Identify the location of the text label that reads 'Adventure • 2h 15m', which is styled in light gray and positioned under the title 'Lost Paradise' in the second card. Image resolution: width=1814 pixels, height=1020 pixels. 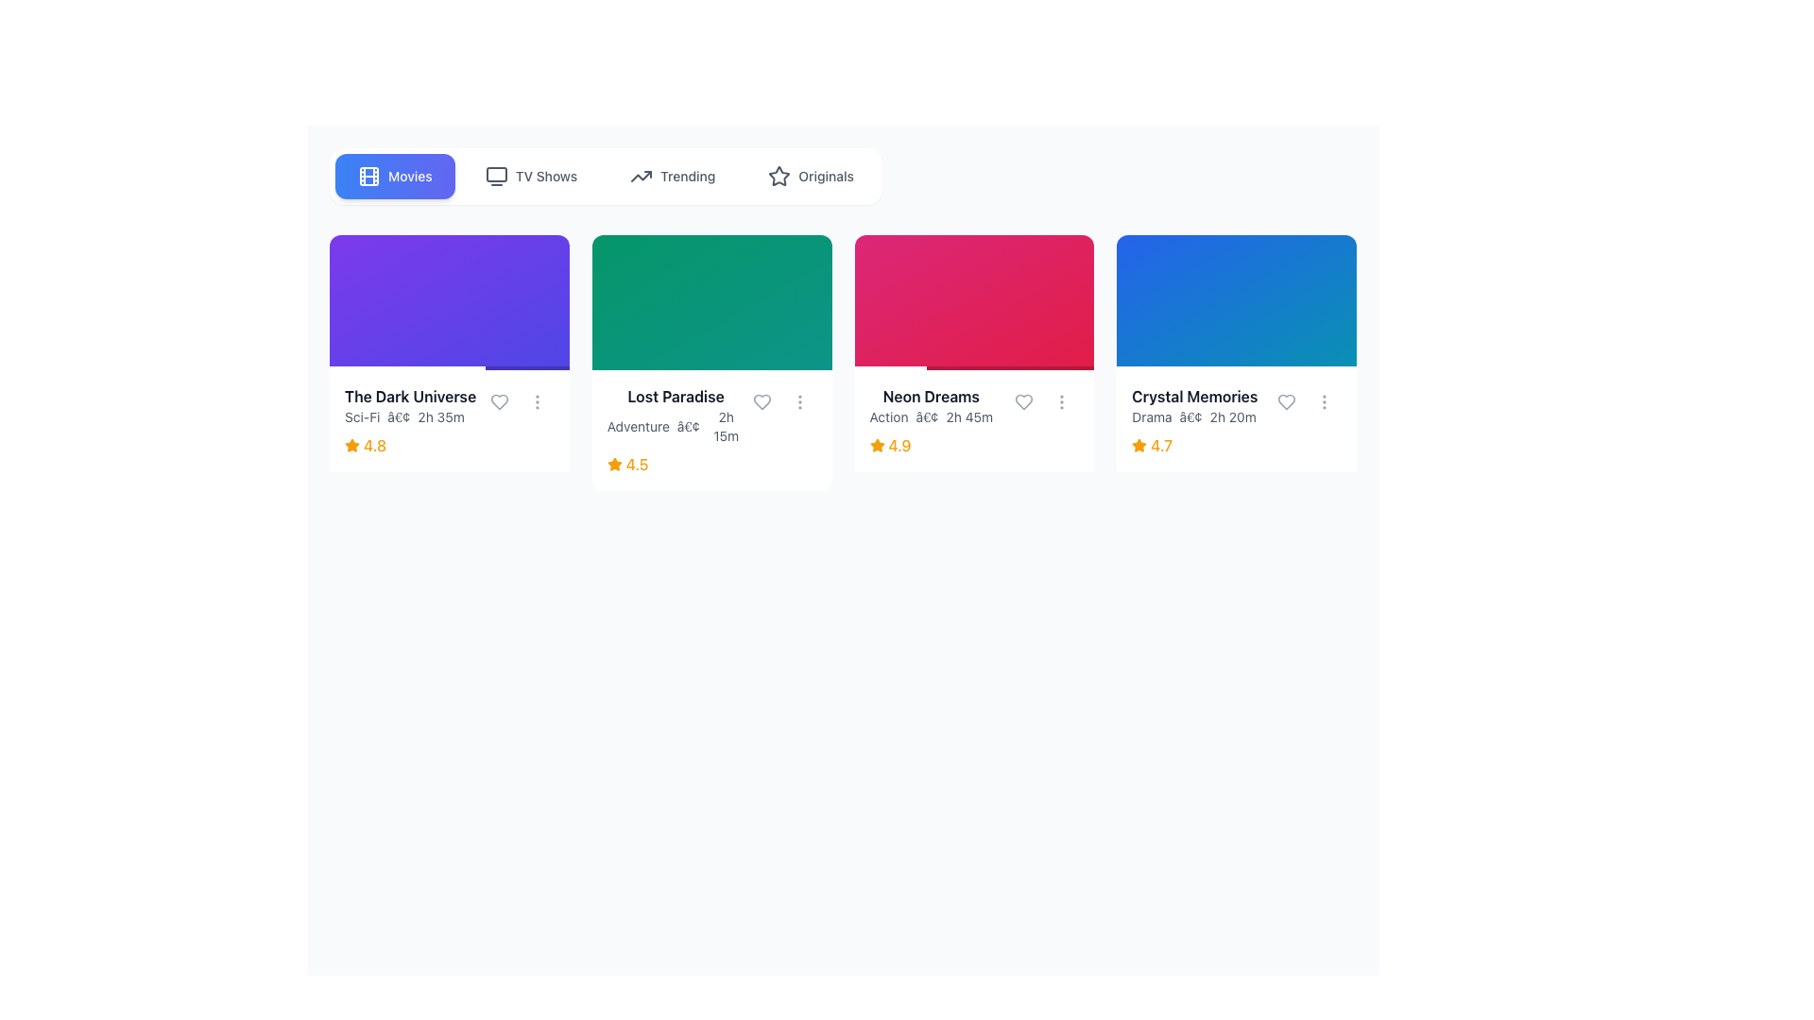
(676, 426).